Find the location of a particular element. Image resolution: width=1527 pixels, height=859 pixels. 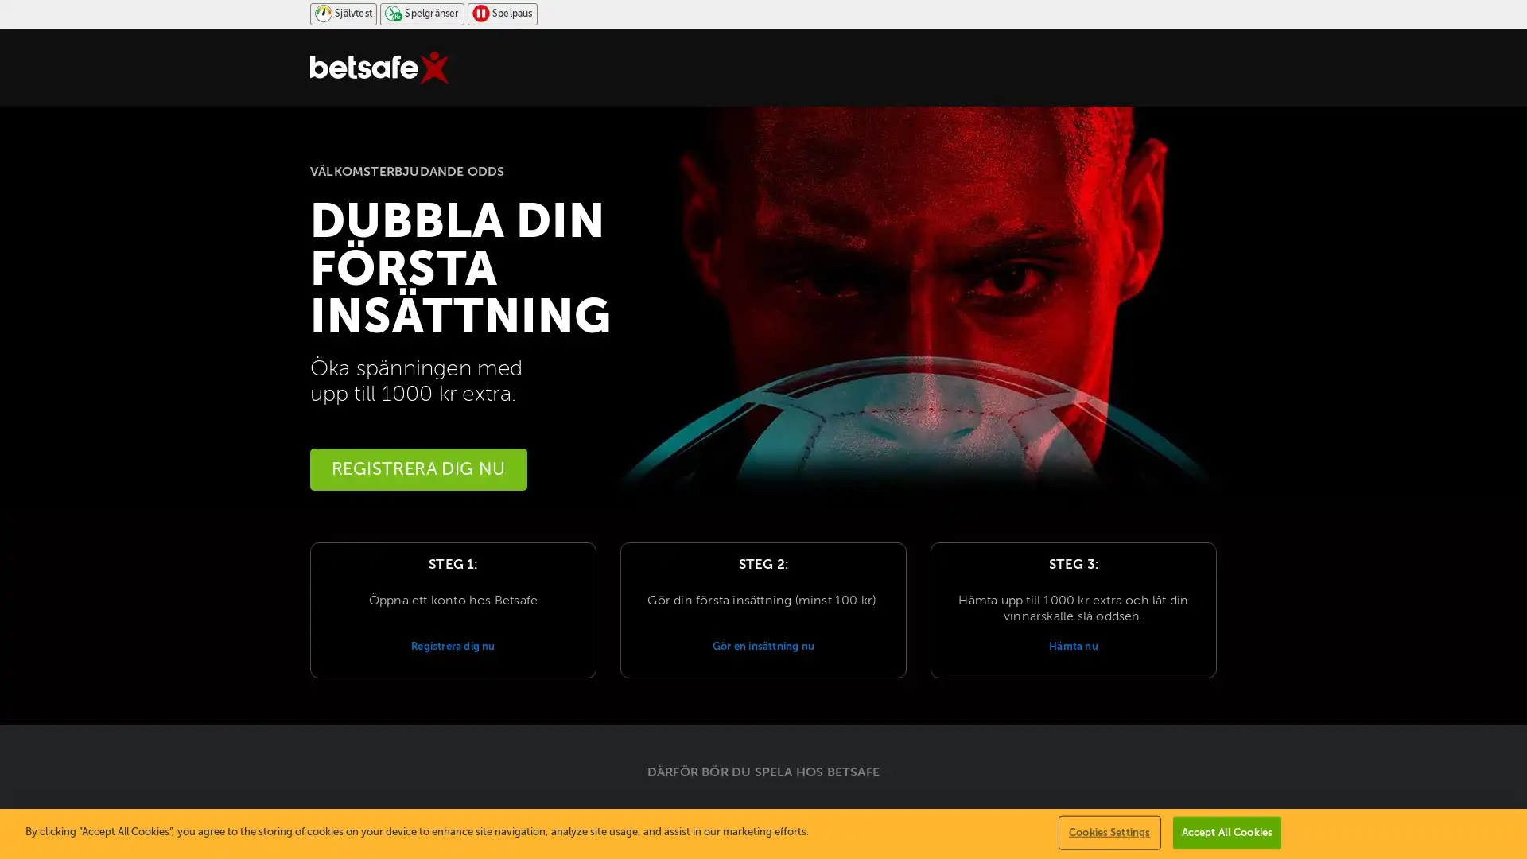

Accept All Cookies is located at coordinates (1226, 831).